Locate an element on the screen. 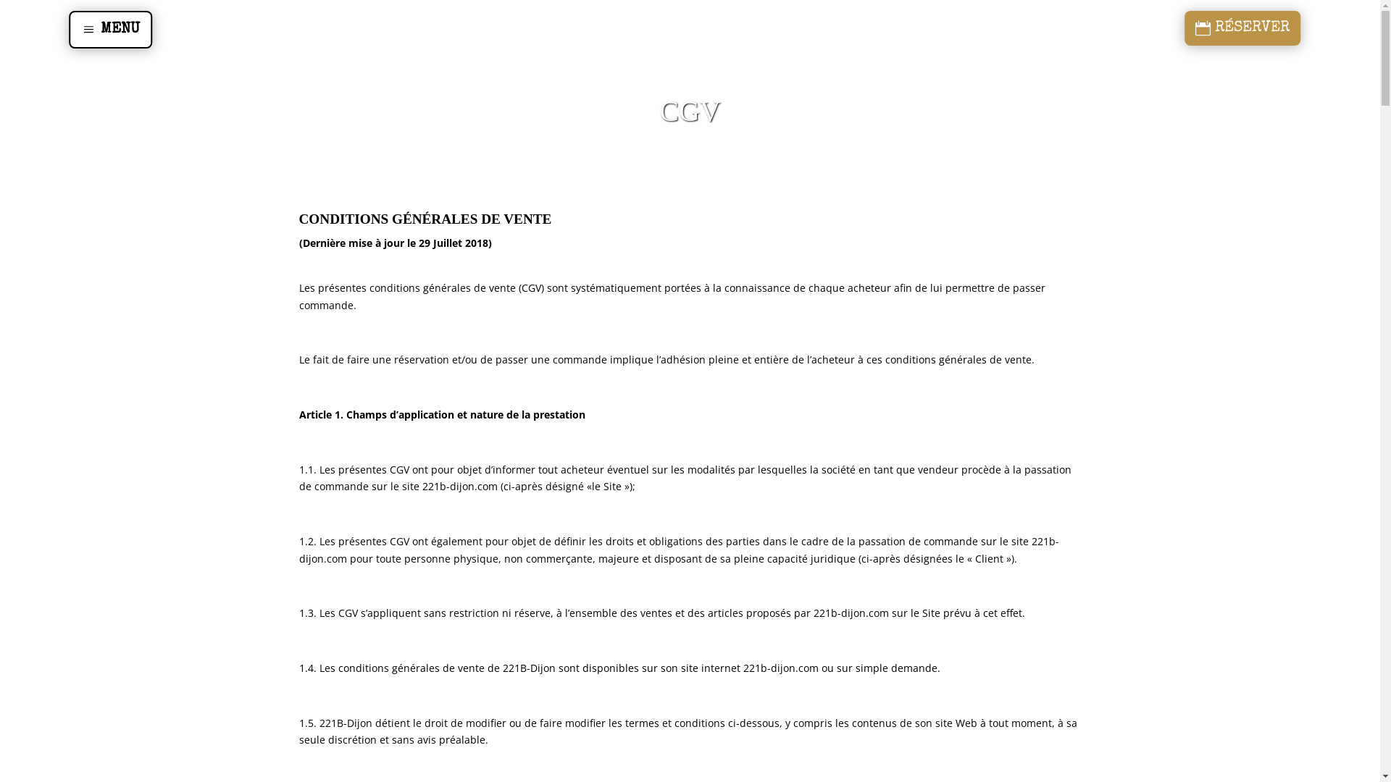 Image resolution: width=1391 pixels, height=782 pixels. 'MENU' is located at coordinates (109, 30).